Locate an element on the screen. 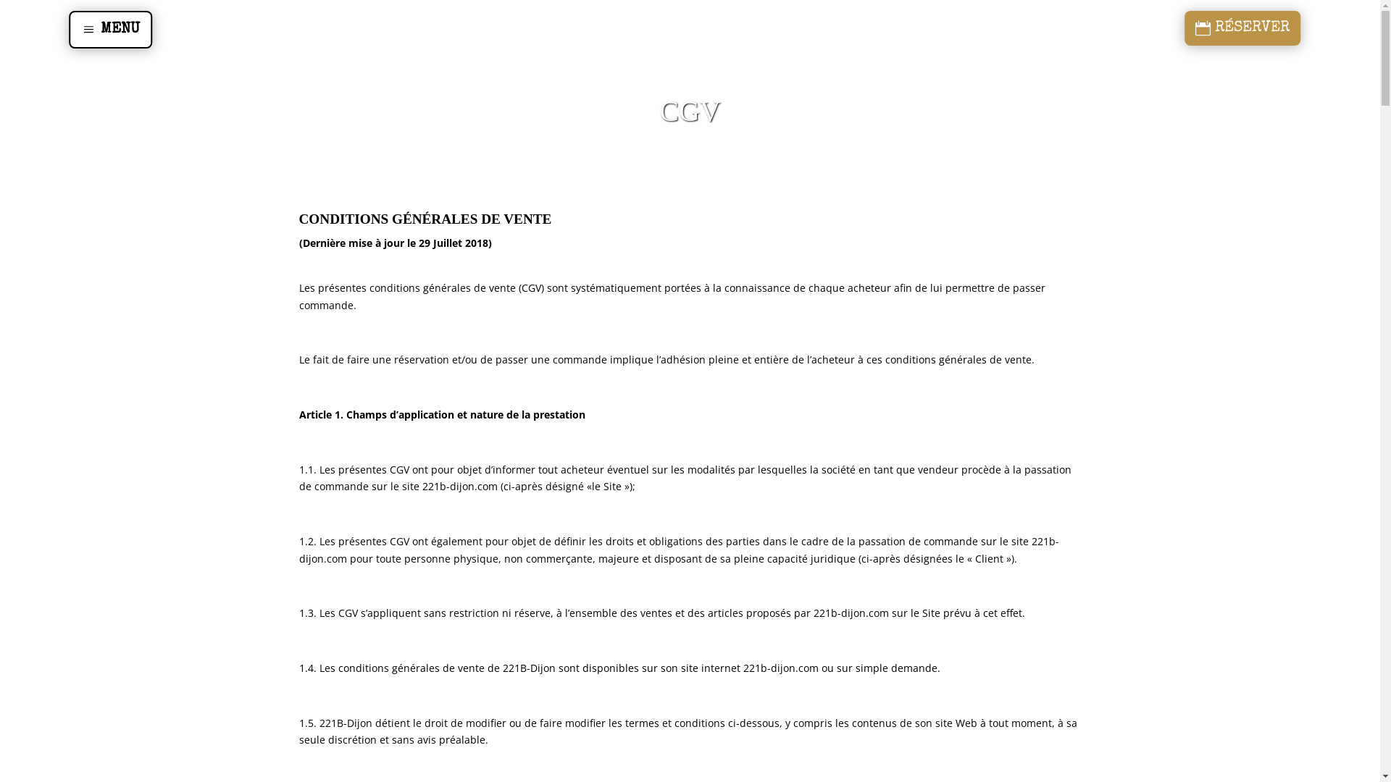 Image resolution: width=1391 pixels, height=782 pixels. 'MENU' is located at coordinates (109, 30).